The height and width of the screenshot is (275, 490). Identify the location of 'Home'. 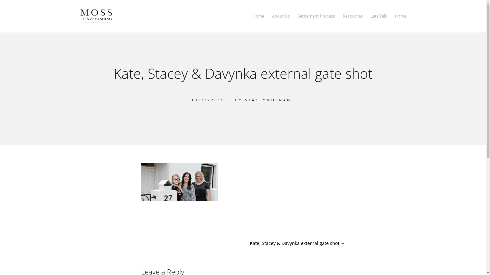
(394, 16).